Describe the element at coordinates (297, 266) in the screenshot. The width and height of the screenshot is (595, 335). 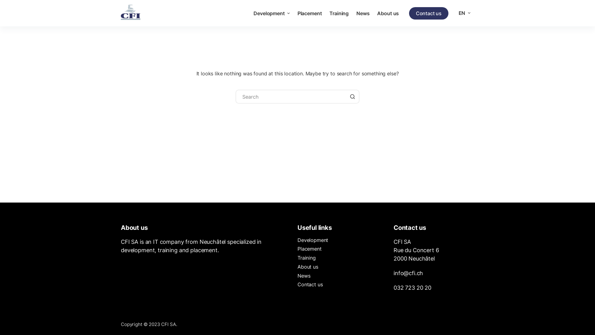
I see `'About us'` at that location.